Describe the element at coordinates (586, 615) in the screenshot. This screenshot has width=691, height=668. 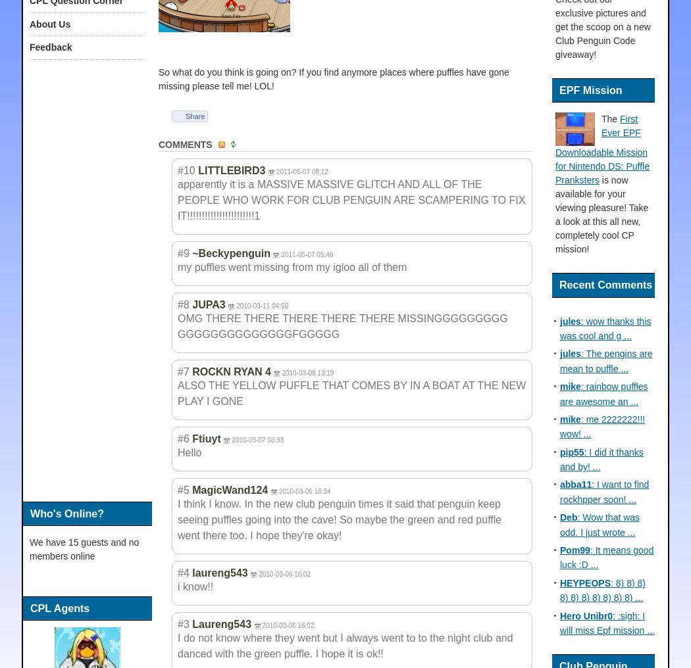
I see `'Hero Unibr0'` at that location.